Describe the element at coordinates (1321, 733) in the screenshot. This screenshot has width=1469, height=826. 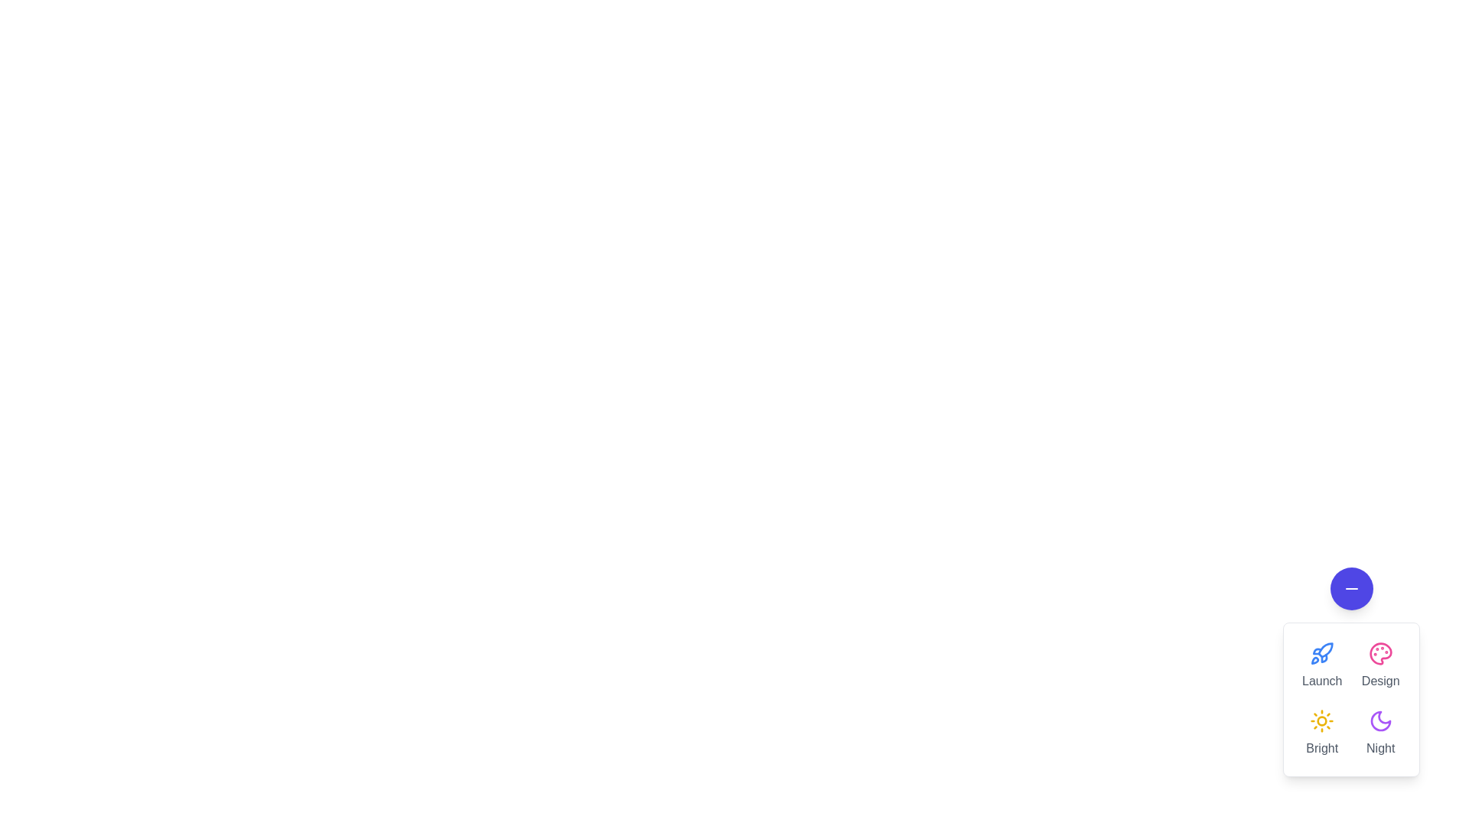
I see `the 'Bright' action button` at that location.